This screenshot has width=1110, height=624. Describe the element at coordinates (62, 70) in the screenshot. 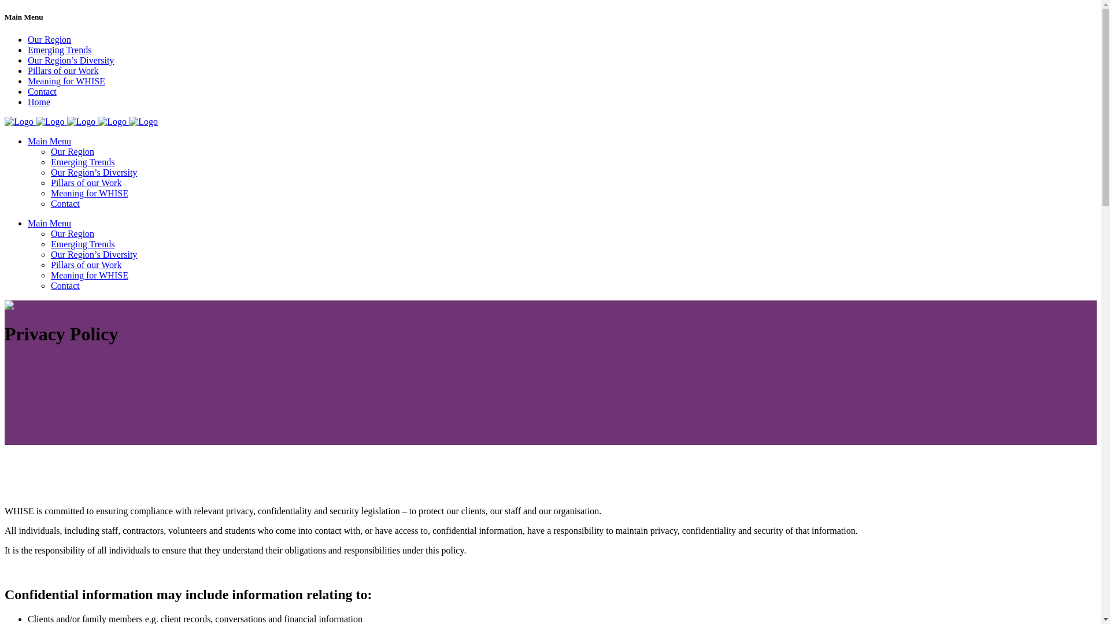

I see `'Pillars of our Work'` at that location.